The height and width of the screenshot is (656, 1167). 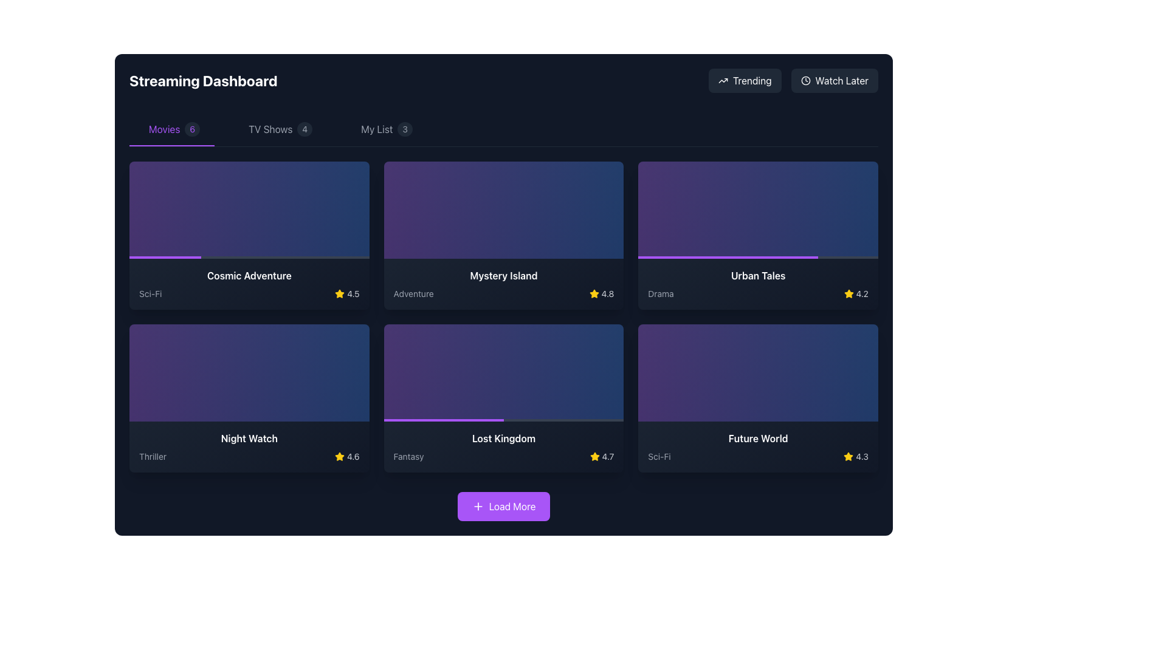 What do you see at coordinates (504, 438) in the screenshot?
I see `the static text label displaying the title 'Lost Kingdom,' which is located in the lower section of the movie card, above the 'Fantasy' genre label and rating information` at bounding box center [504, 438].